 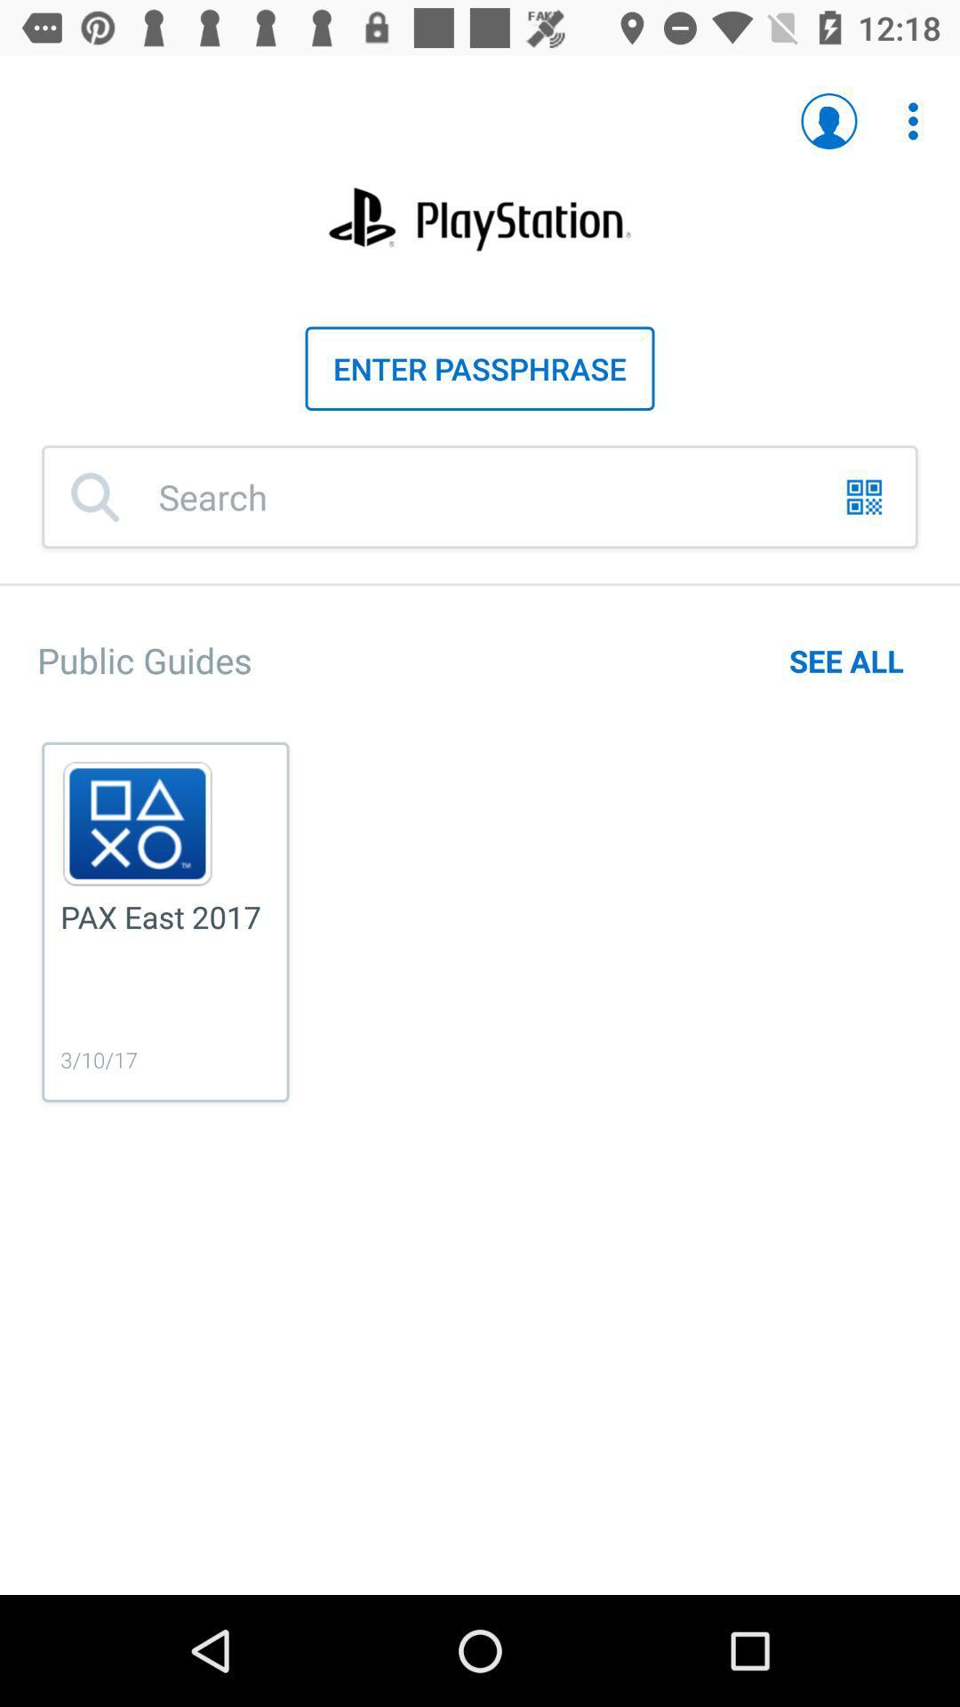 I want to click on the avatar icon, so click(x=829, y=120).